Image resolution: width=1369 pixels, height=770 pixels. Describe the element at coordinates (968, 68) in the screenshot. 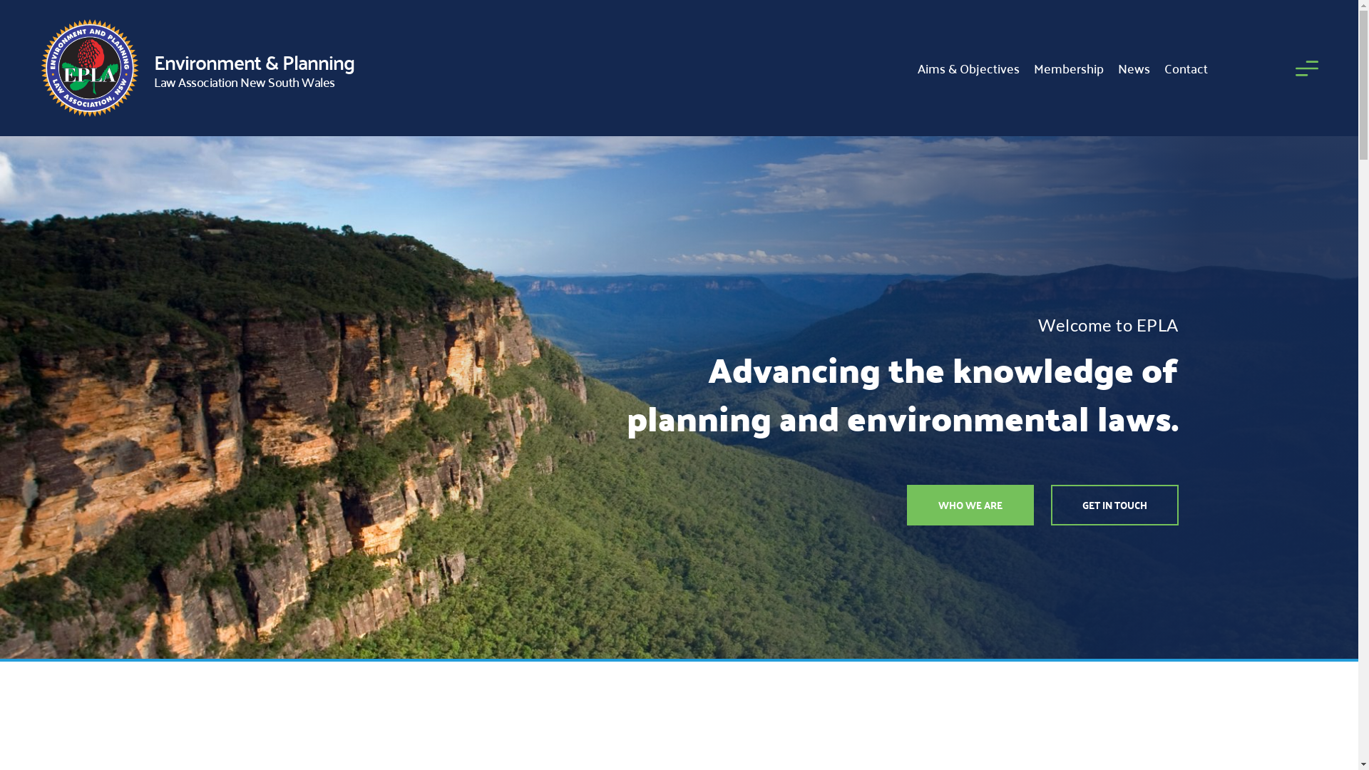

I see `'Aims & Objectives'` at that location.